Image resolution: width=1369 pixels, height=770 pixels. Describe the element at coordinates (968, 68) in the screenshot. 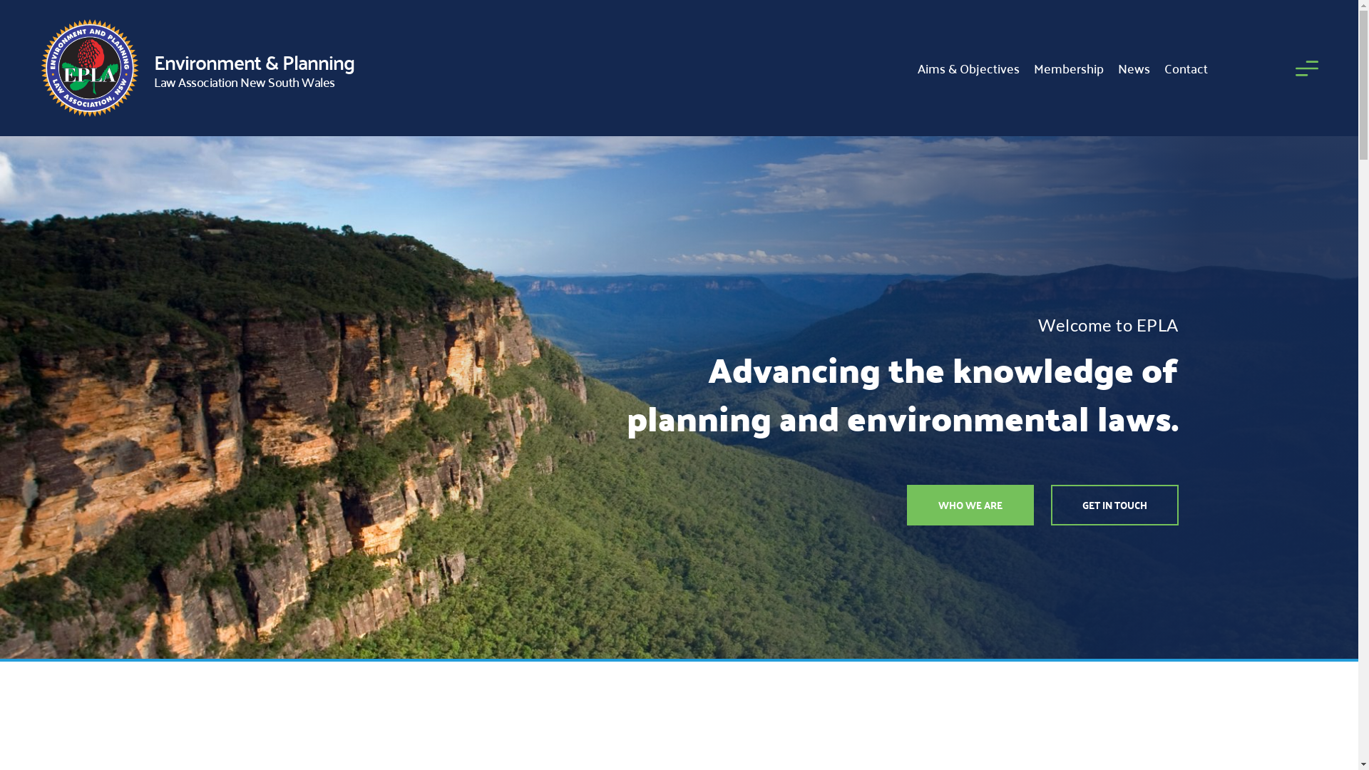

I see `'Aims & Objectives'` at that location.